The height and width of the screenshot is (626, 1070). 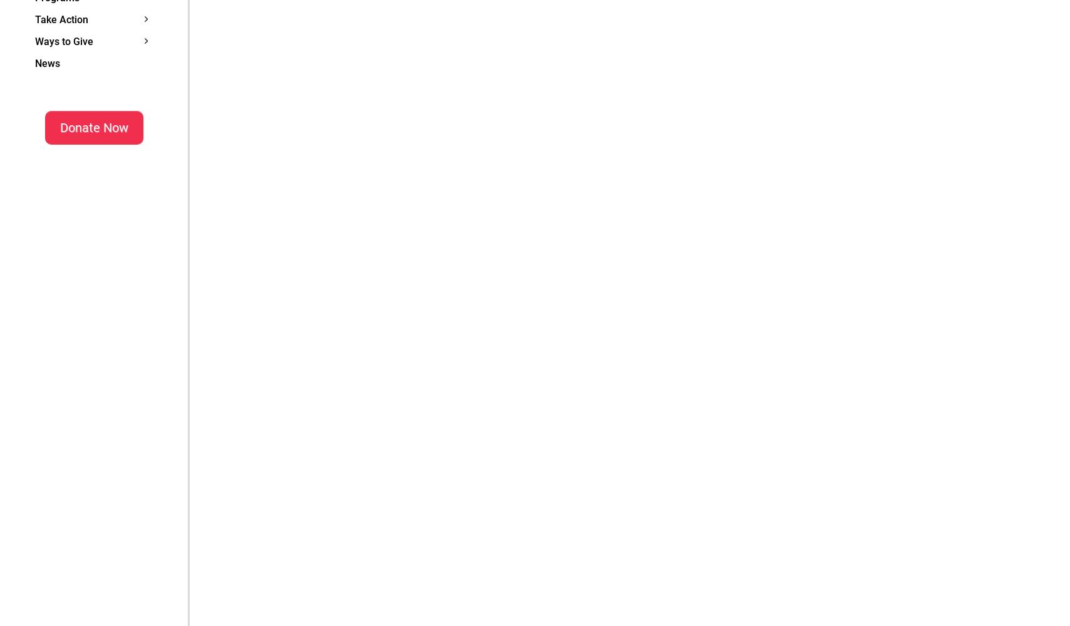 I want to click on 'News', so click(x=47, y=62).